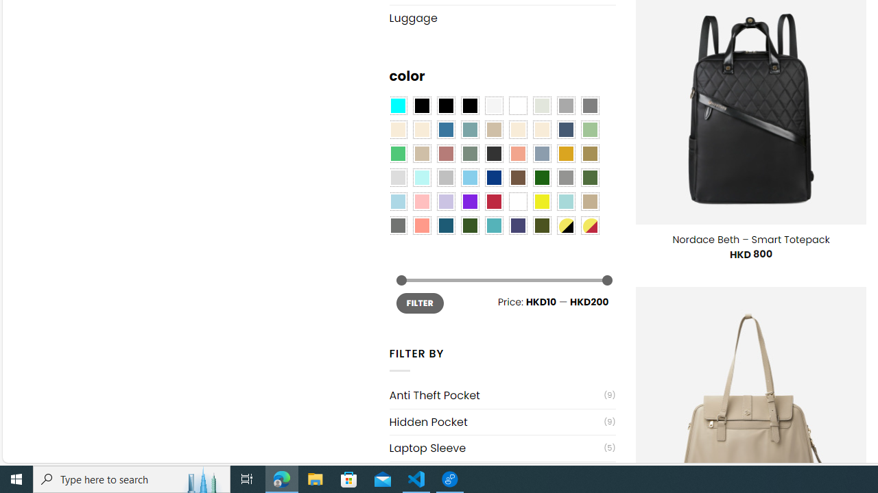 The width and height of the screenshot is (878, 493). Describe the element at coordinates (421, 177) in the screenshot. I see `'Mint'` at that location.